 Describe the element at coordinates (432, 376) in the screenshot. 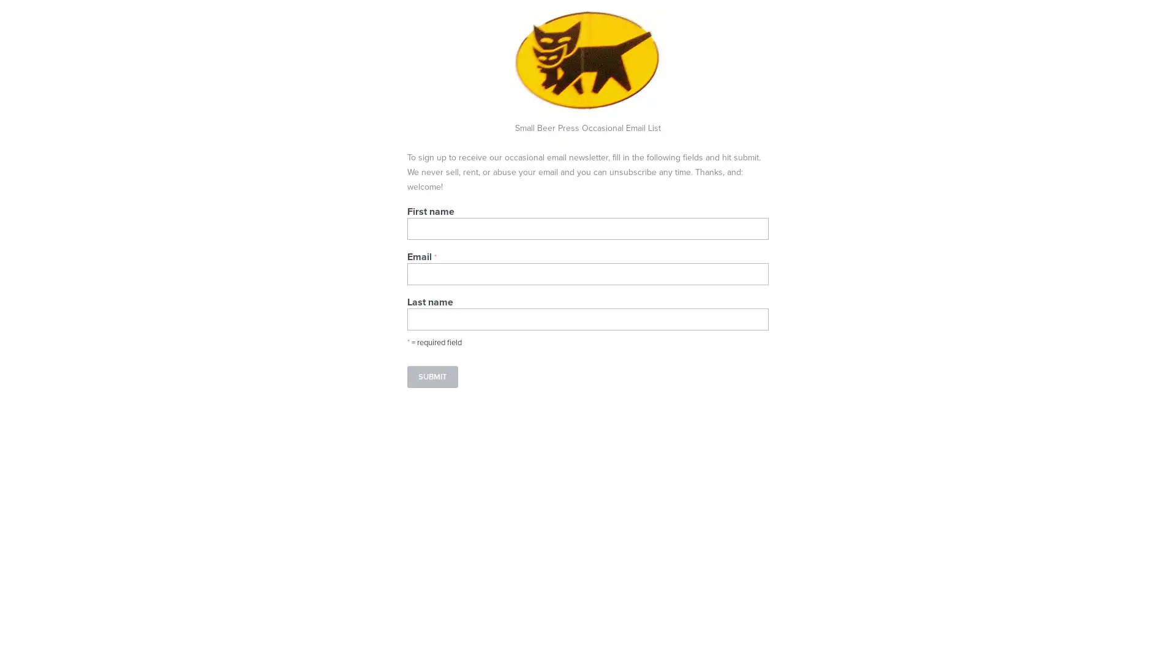

I see `Submit` at that location.